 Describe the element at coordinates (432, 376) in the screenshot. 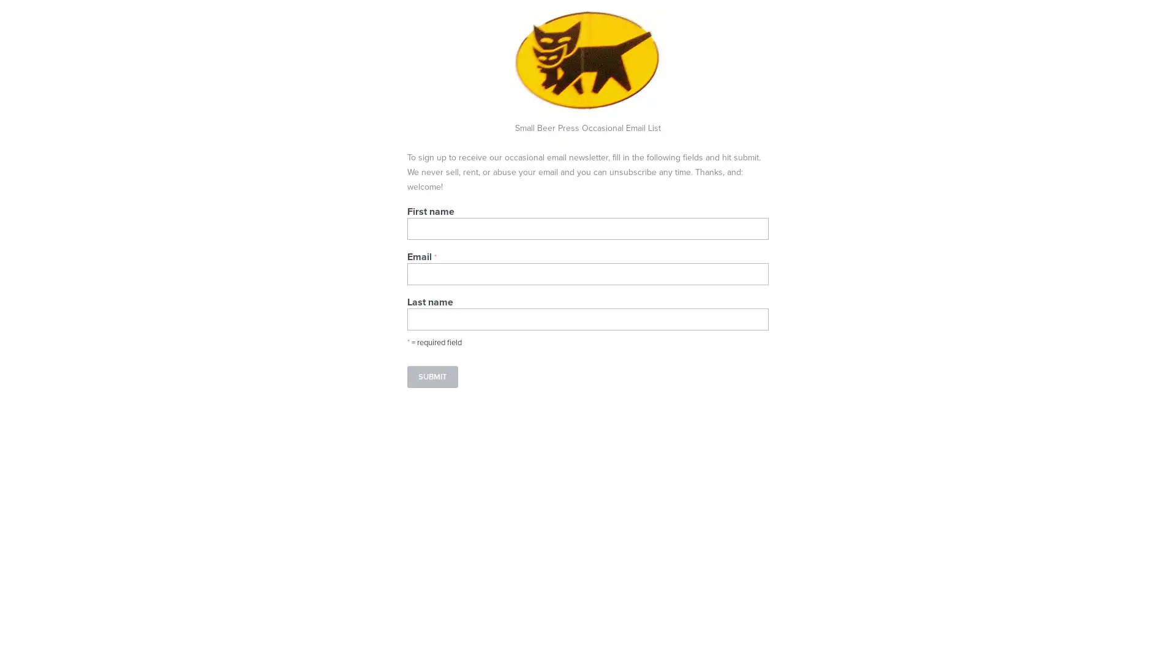

I see `Submit` at that location.